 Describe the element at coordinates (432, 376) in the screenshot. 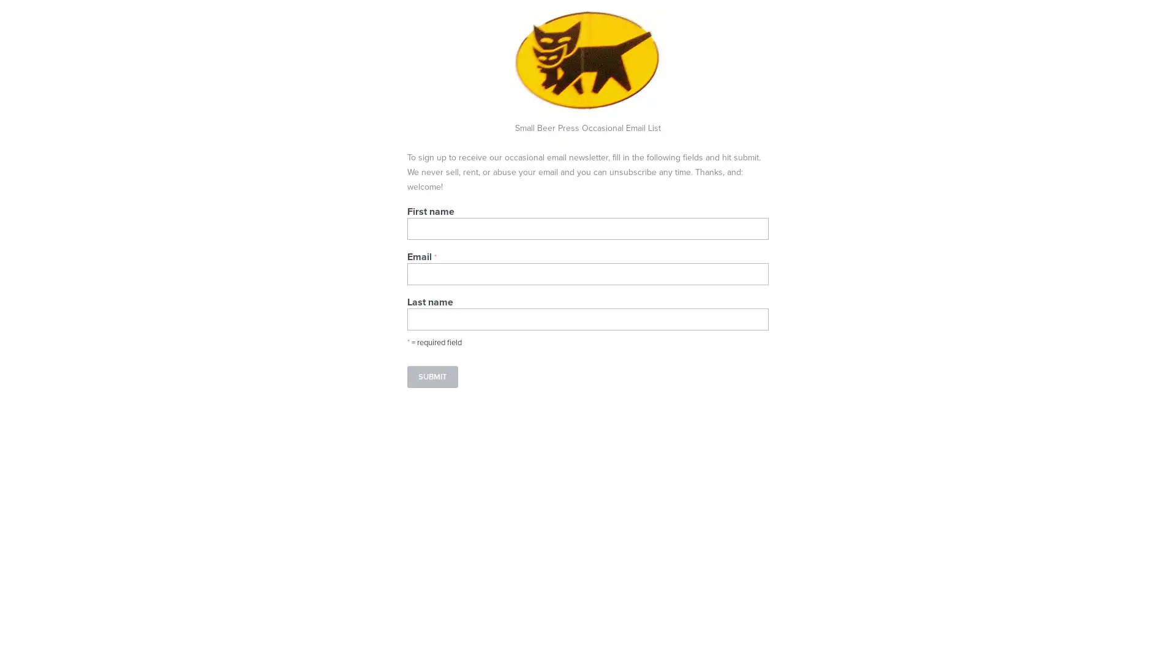

I see `Submit` at that location.